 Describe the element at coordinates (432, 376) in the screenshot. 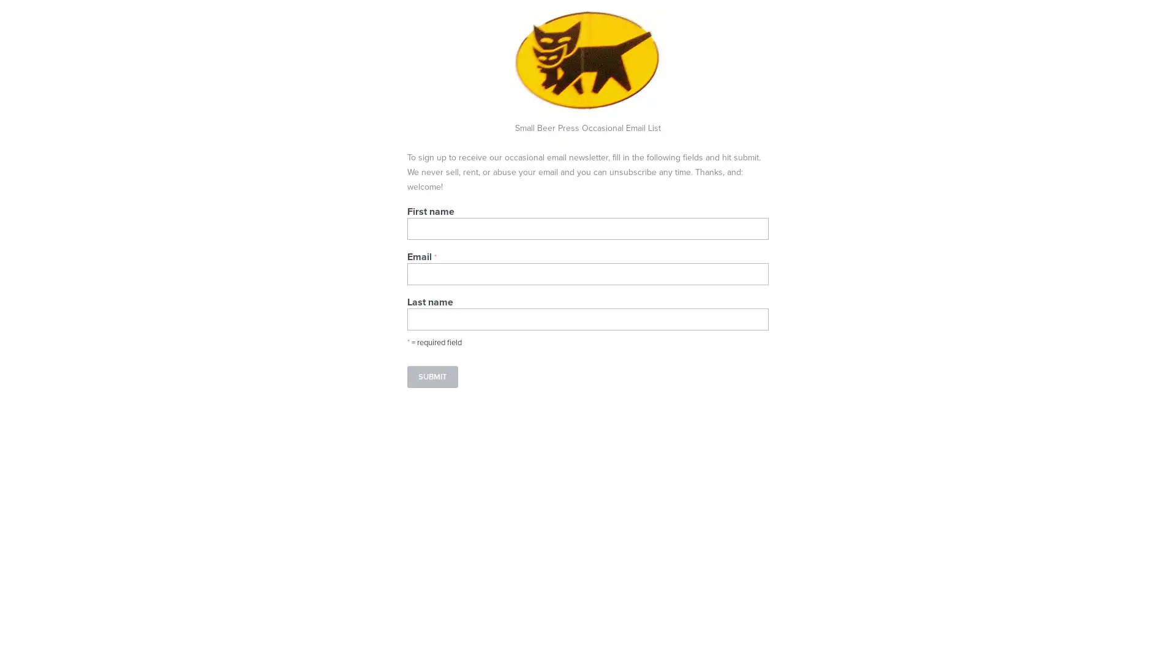

I see `Submit` at that location.